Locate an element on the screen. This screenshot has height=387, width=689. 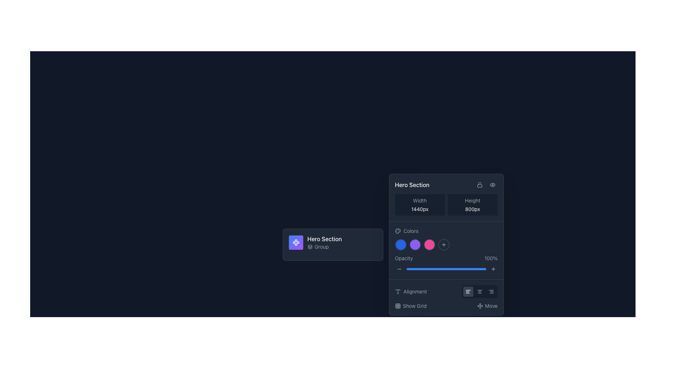
the progress bar, which is a thin, rectangular horizontal bar with rounded ends, styled with a gray background and a blue inner section indicating progress, located centrally among its siblings is located at coordinates (446, 269).